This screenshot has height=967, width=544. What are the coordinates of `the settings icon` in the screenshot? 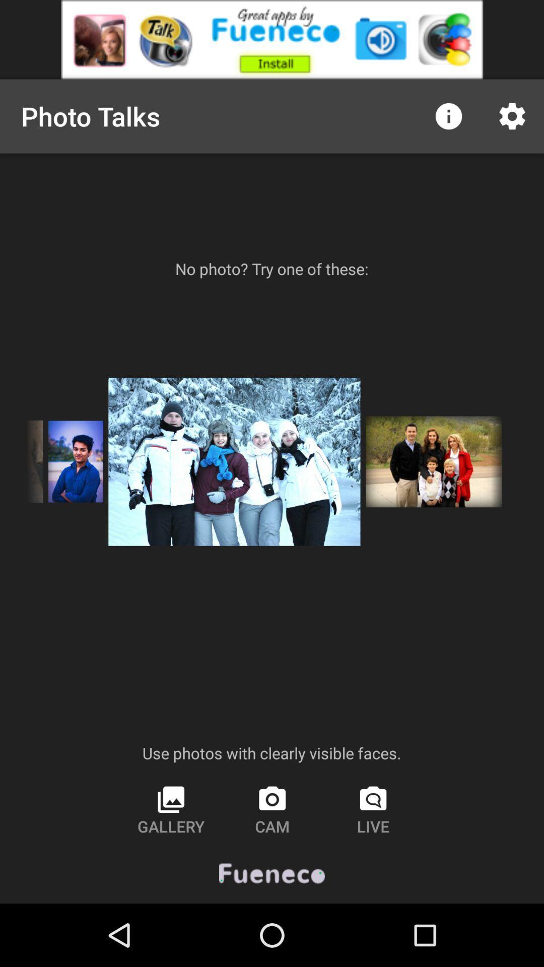 It's located at (512, 116).